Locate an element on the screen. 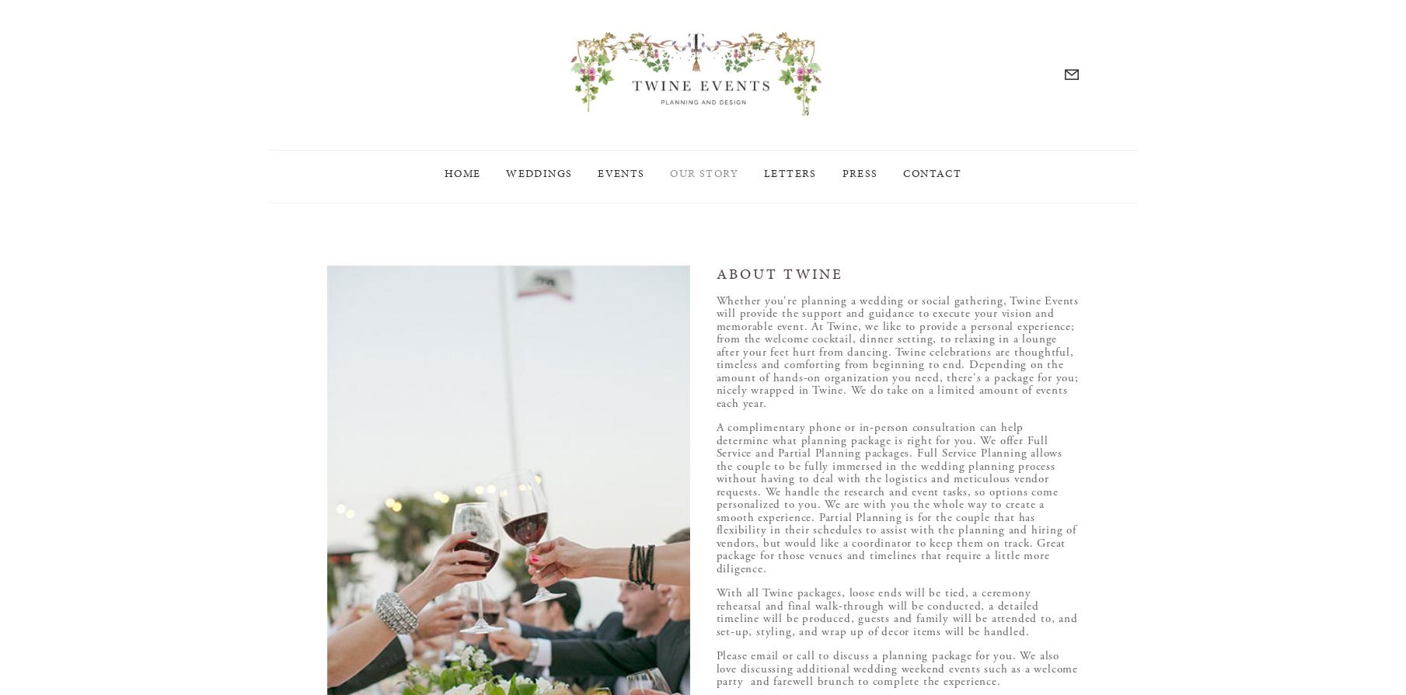  'Submit' is located at coordinates (777, 348).